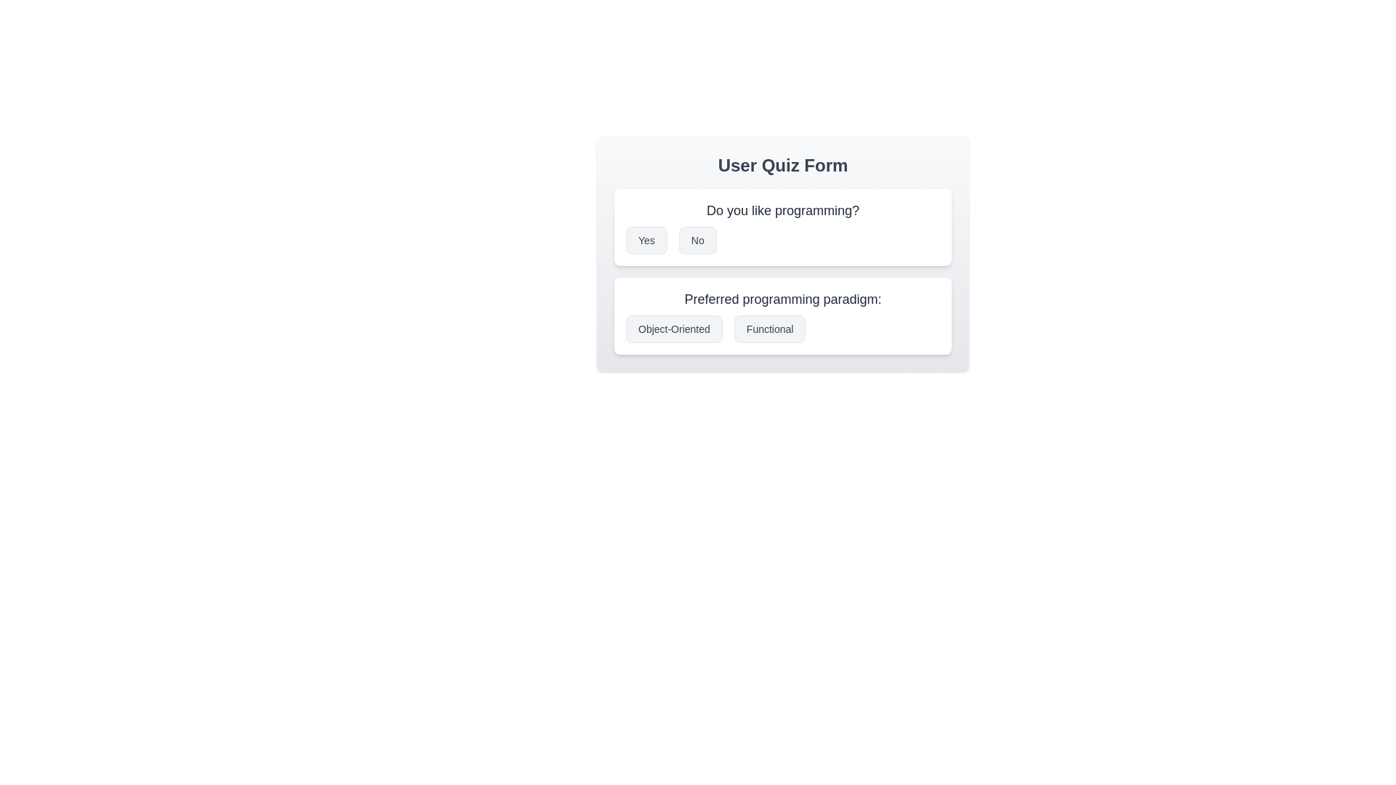  I want to click on the 'Object-Oriented' button, so click(673, 329).